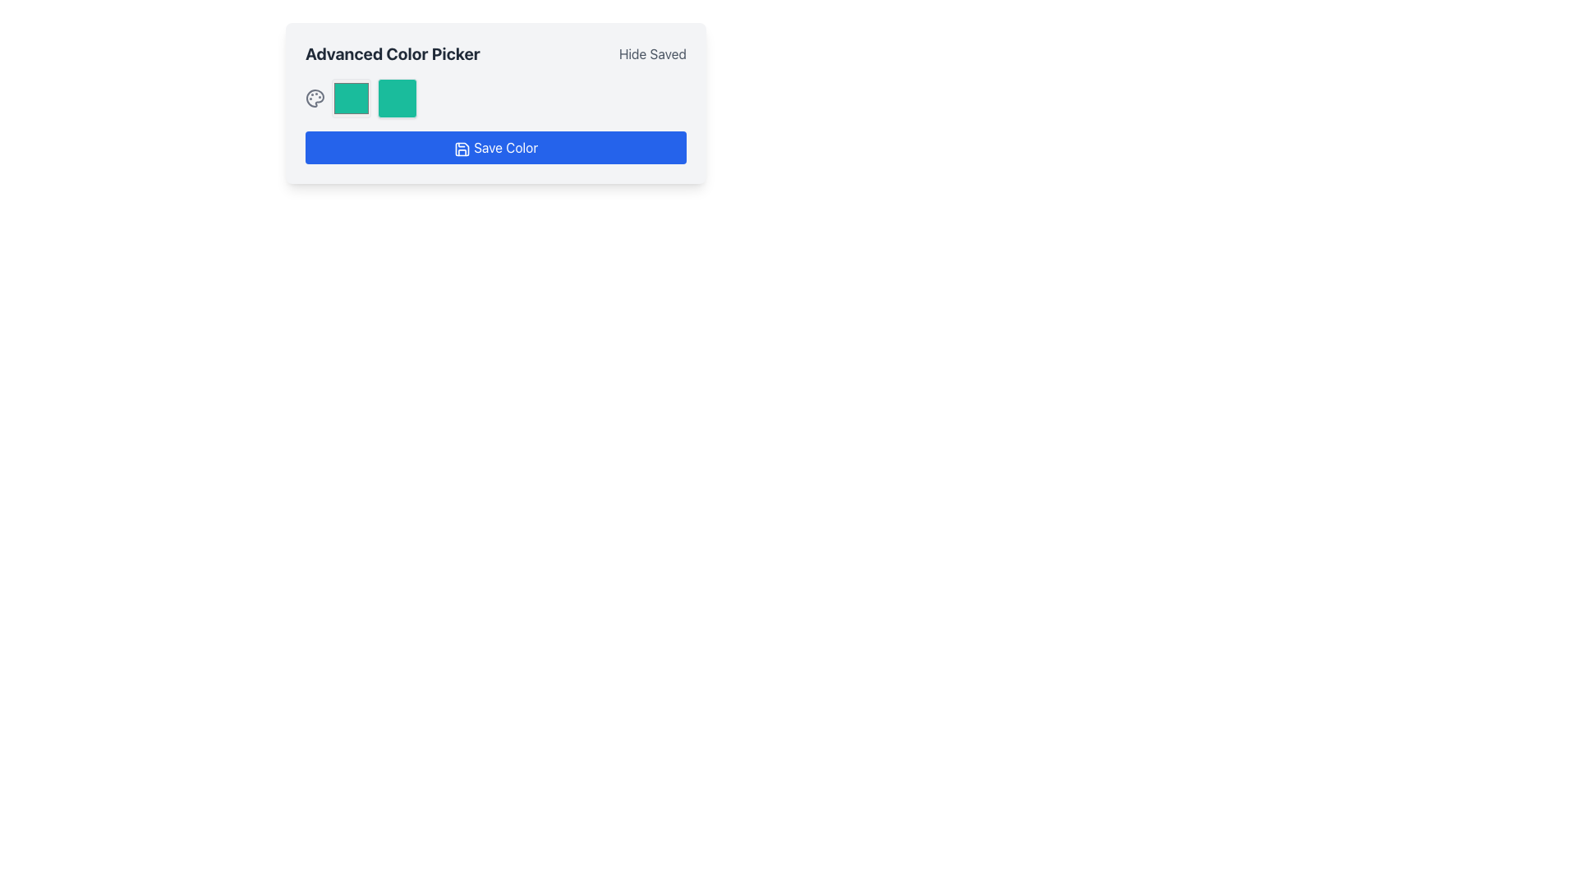  I want to click on the gray palette icon with rounded edges located prominently to the left of two color blocks, near the label 'Advanced Color Picker', so click(315, 98).